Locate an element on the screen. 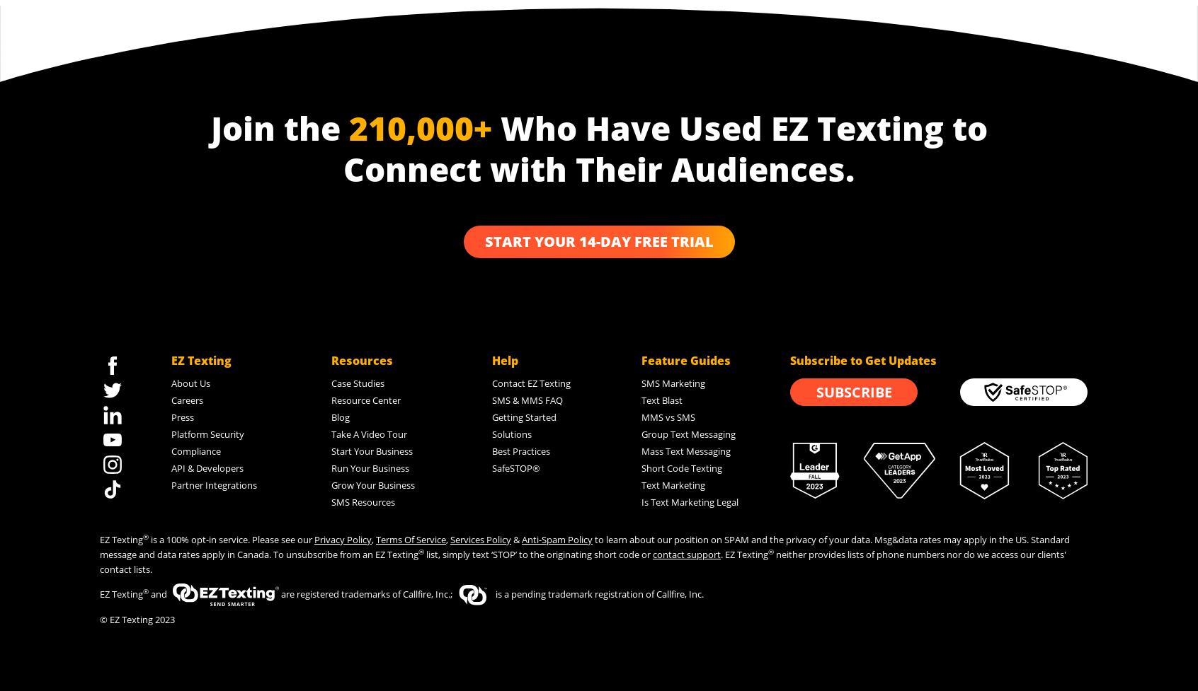 The height and width of the screenshot is (691, 1198). 'Text Marketing' is located at coordinates (673, 484).